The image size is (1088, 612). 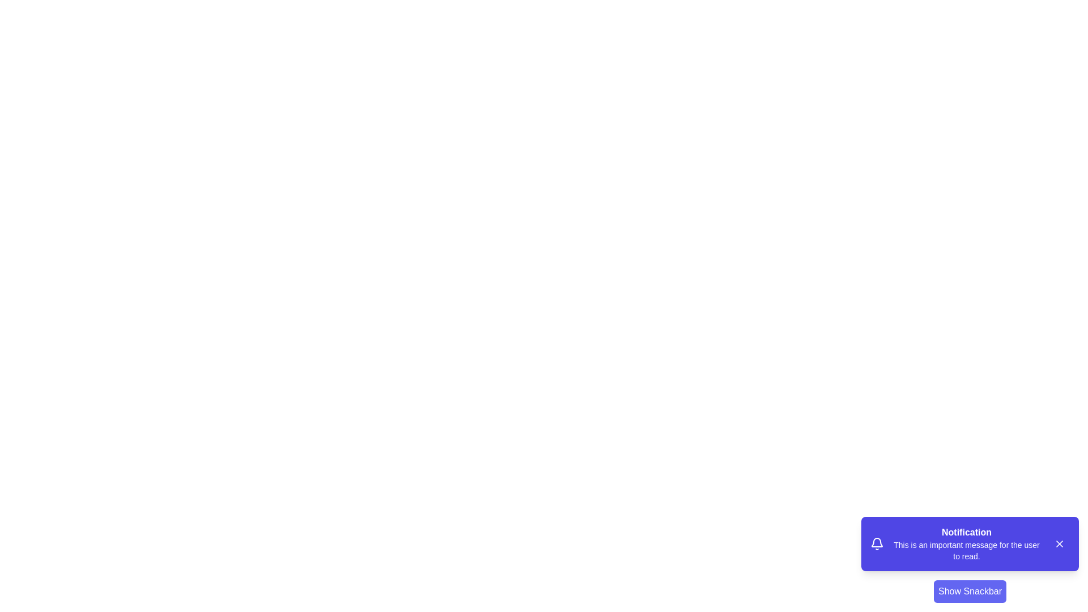 What do you see at coordinates (877, 543) in the screenshot?
I see `the notification icon located on the left side of the notification bar, adjacent to the 'Notification' text` at bounding box center [877, 543].